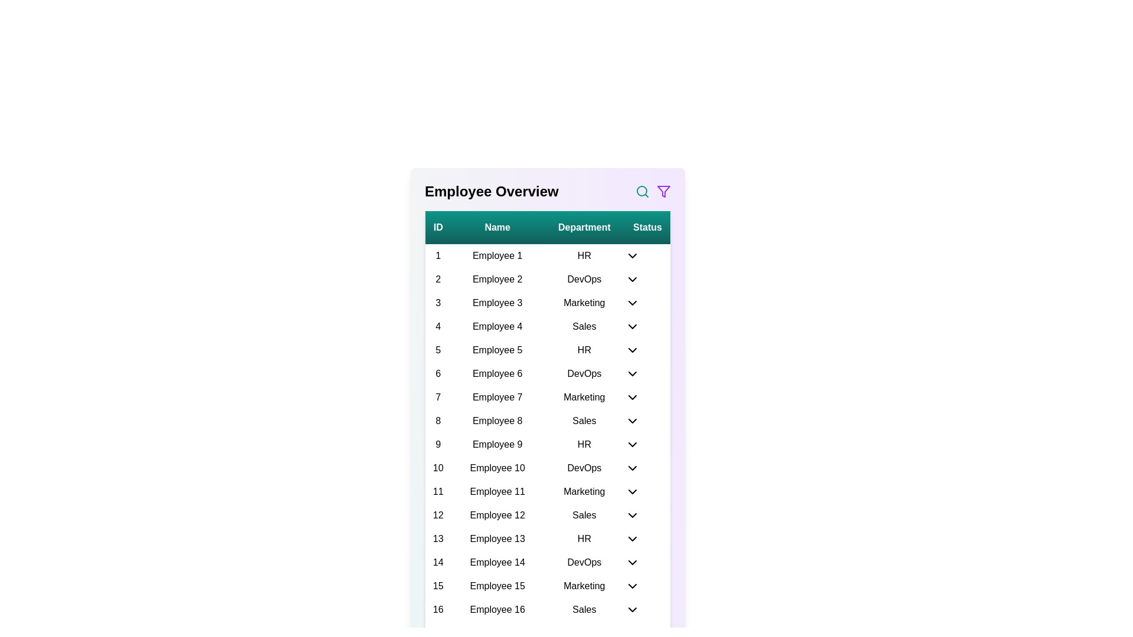 The height and width of the screenshot is (637, 1133). Describe the element at coordinates (497, 227) in the screenshot. I see `the Name header to sort the table data` at that location.